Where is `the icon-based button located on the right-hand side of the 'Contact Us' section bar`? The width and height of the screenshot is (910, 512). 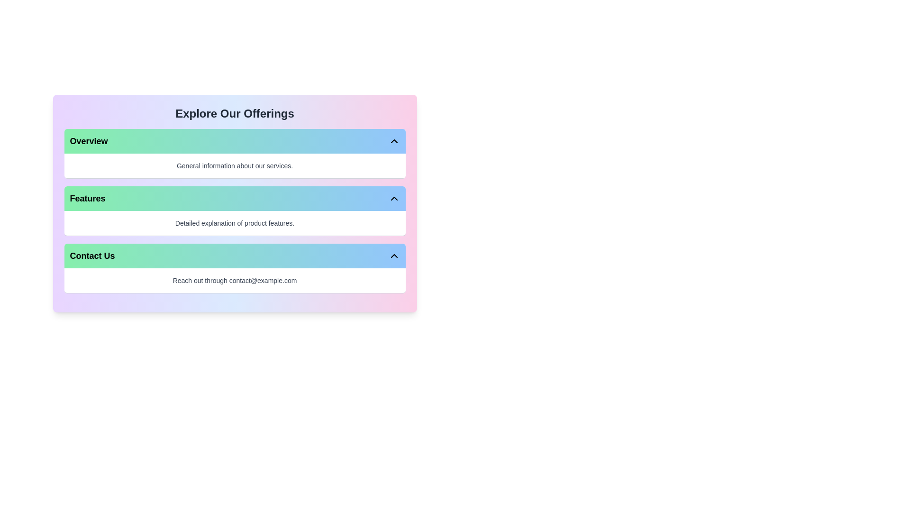 the icon-based button located on the right-hand side of the 'Contact Us' section bar is located at coordinates (394, 256).